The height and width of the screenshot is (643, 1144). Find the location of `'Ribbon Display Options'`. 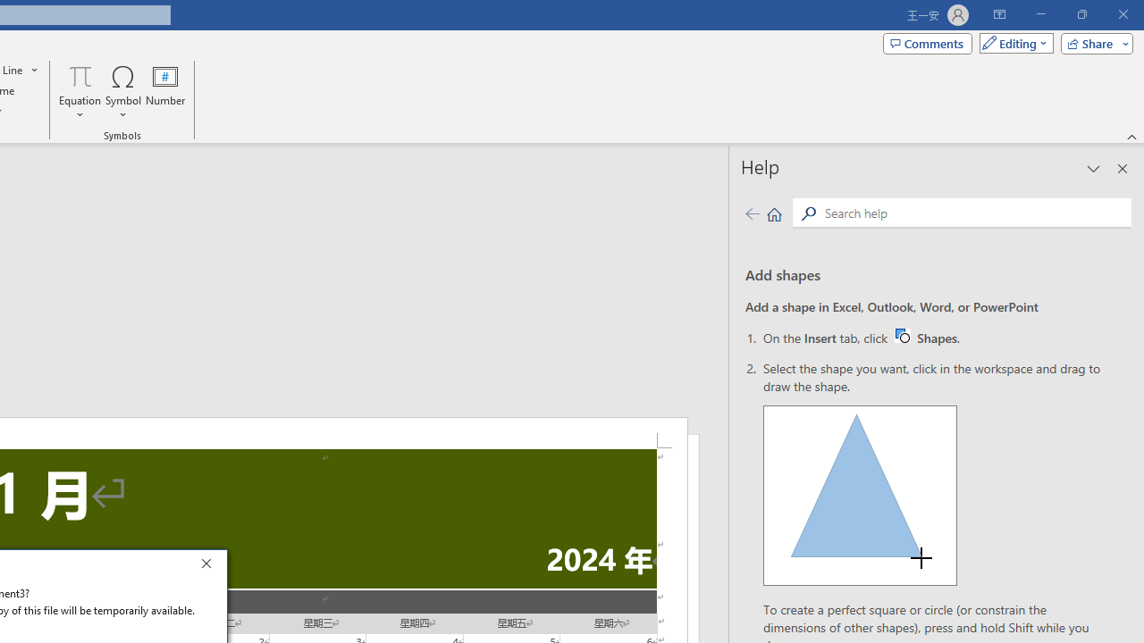

'Ribbon Display Options' is located at coordinates (998, 14).